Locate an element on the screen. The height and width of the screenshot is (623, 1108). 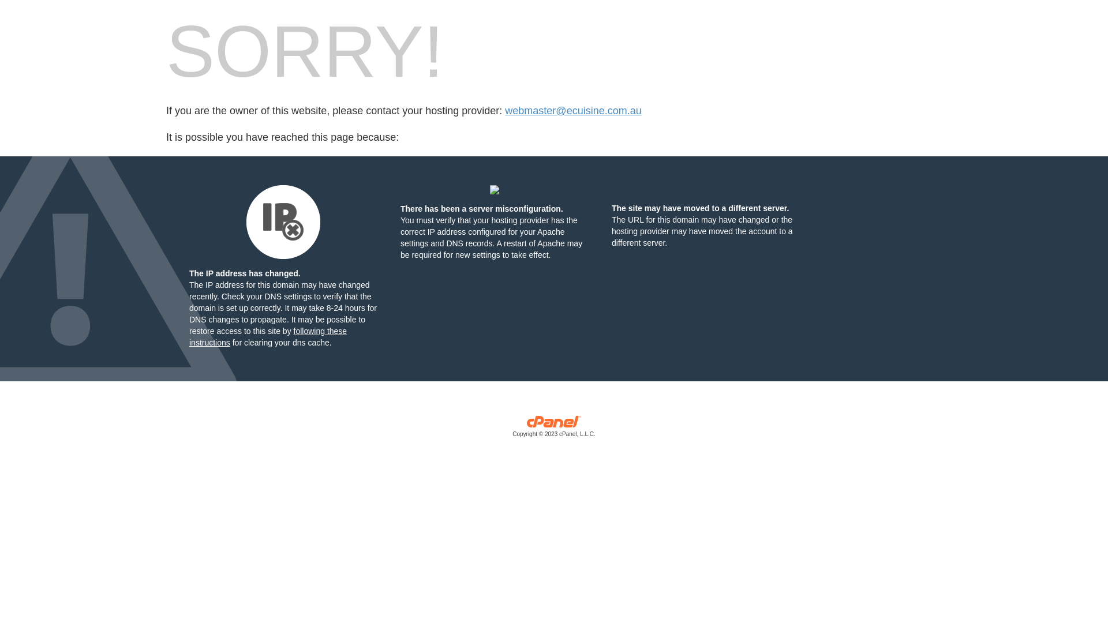
'webmaster@ecuisine.com.au' is located at coordinates (504, 111).